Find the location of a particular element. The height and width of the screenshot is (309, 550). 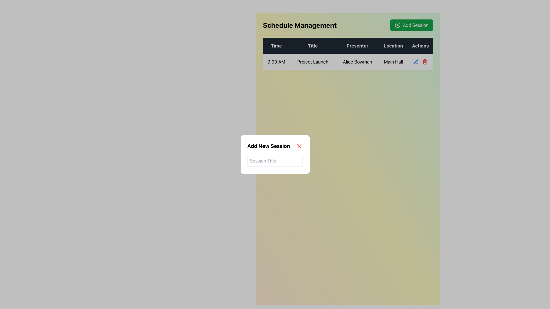

the outermost circular border of the 'Add' icon located in the top-right corner of the interface, which is part of the green 'Add Session' button is located at coordinates (397, 25).